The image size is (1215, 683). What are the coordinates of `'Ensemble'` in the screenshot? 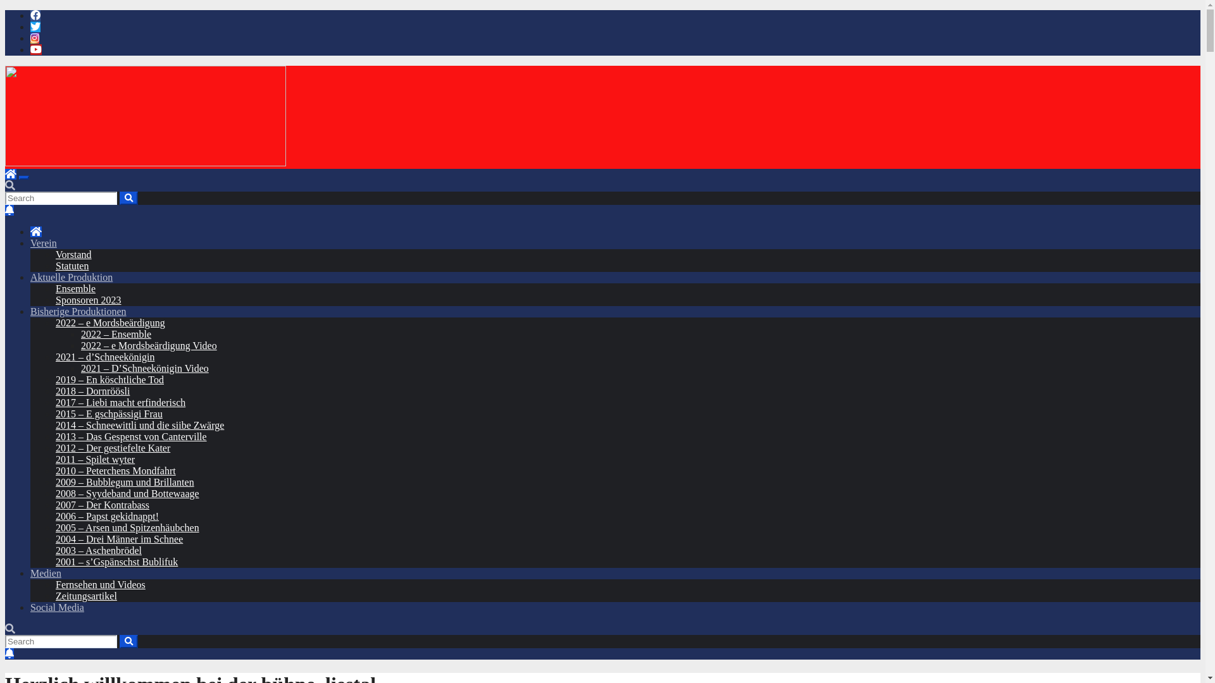 It's located at (75, 288).